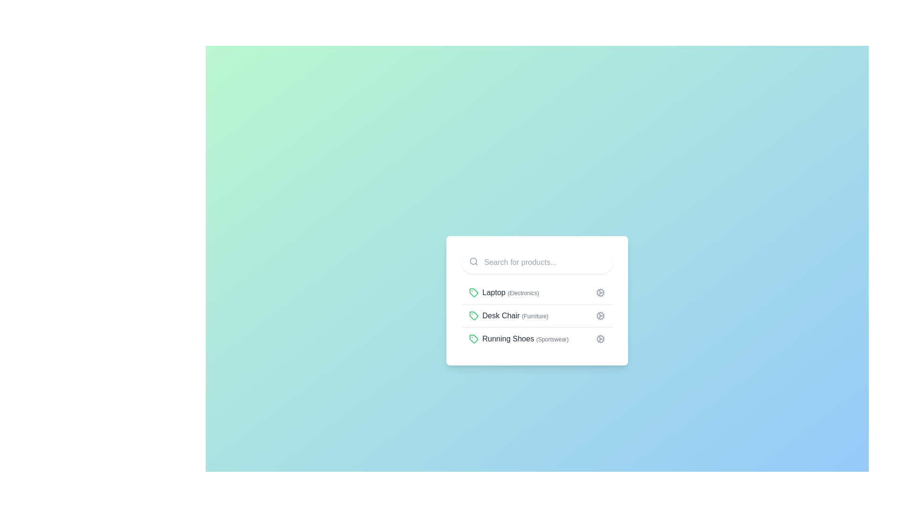 Image resolution: width=908 pixels, height=510 pixels. What do you see at coordinates (518, 338) in the screenshot?
I see `to select the list item labeled 'Running Shoes (Sportswear)', which is the third item in a vertical list, featuring a green tag icon and bold text` at bounding box center [518, 338].